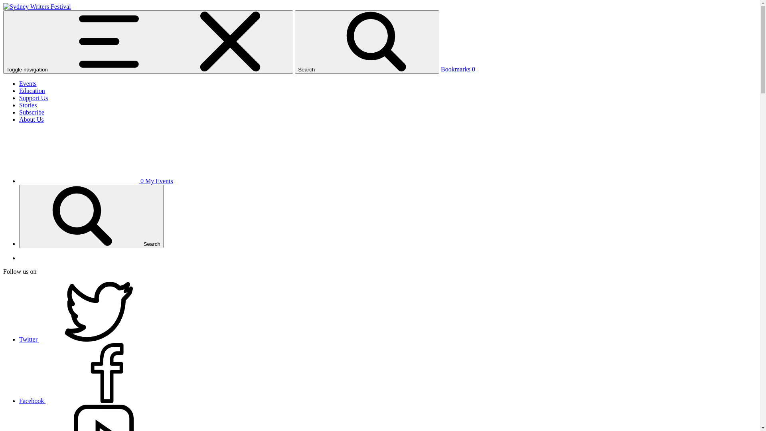 The height and width of the screenshot is (431, 766). Describe the element at coordinates (32, 90) in the screenshot. I see `'Education'` at that location.